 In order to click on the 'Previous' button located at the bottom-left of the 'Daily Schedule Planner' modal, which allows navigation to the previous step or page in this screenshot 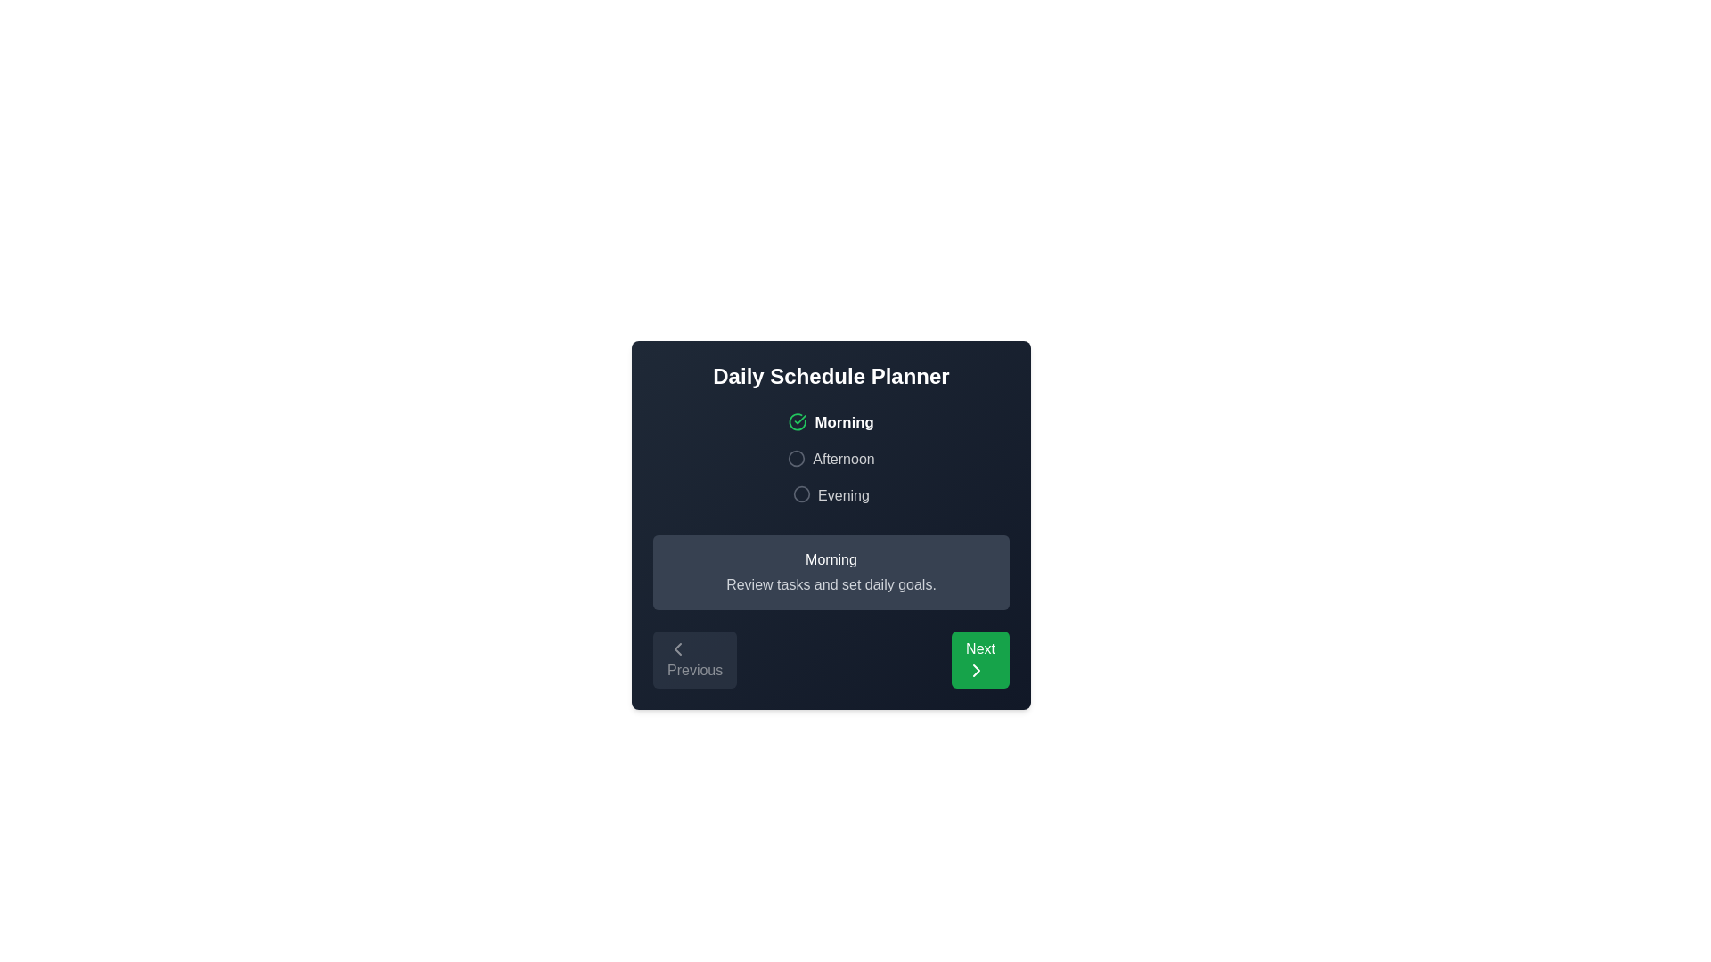, I will do `click(694, 660)`.